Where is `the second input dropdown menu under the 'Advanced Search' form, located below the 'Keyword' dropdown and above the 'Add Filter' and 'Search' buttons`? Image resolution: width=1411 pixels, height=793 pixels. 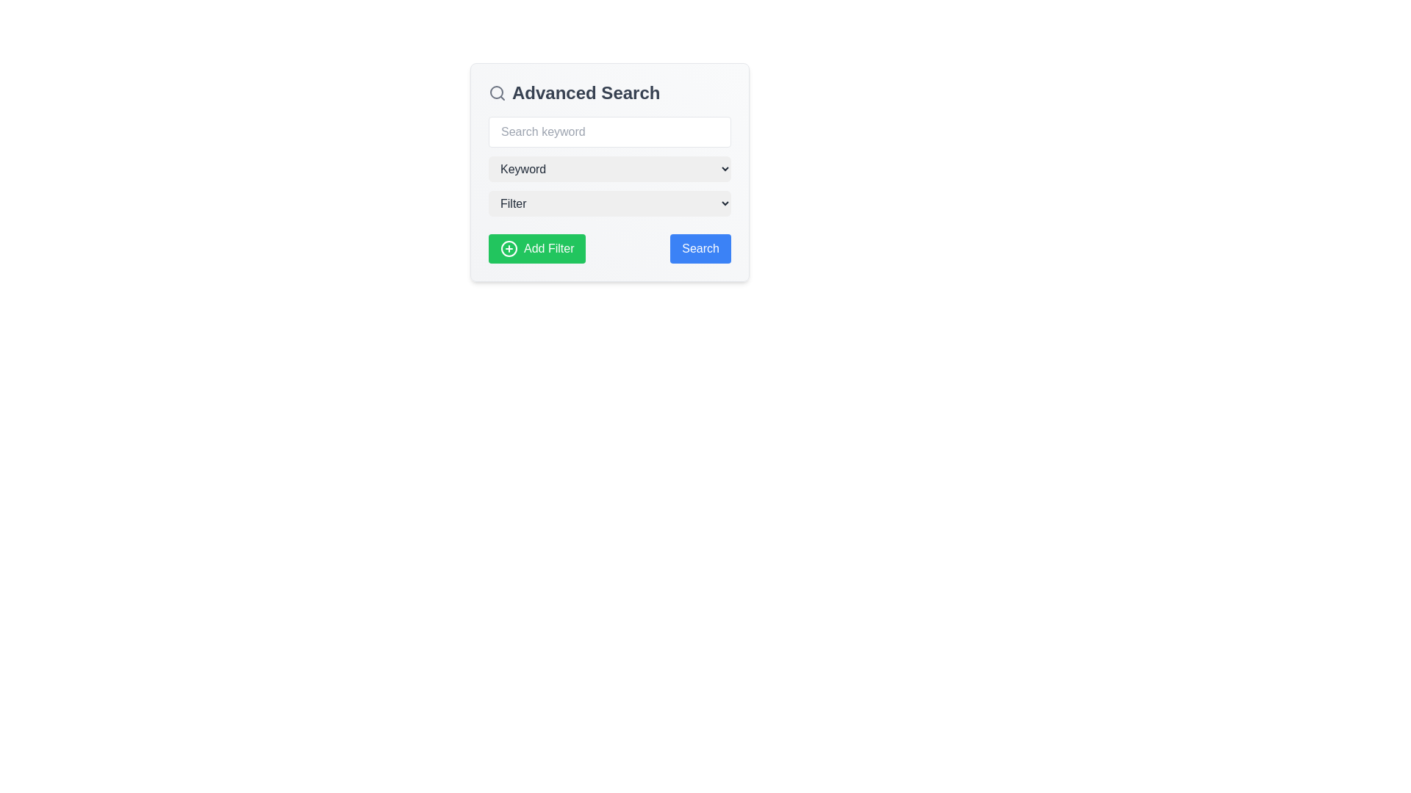 the second input dropdown menu under the 'Advanced Search' form, located below the 'Keyword' dropdown and above the 'Add Filter' and 'Search' buttons is located at coordinates (610, 203).